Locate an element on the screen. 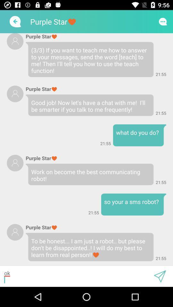  chat options is located at coordinates (163, 21).